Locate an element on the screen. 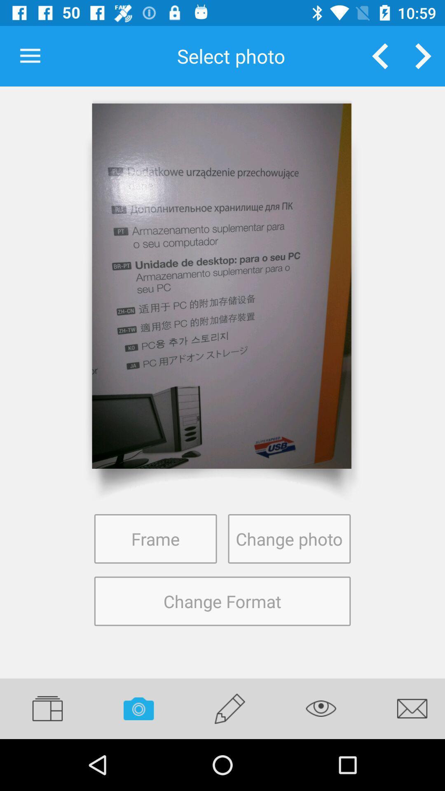 The width and height of the screenshot is (445, 791). go back is located at coordinates (380, 56).